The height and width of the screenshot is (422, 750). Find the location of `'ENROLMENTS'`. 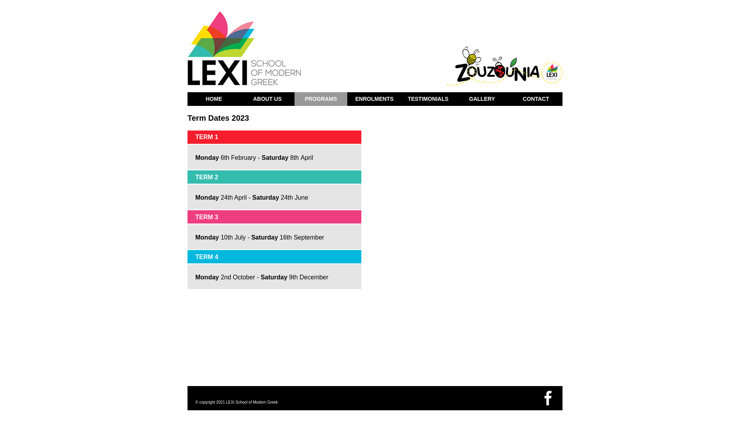

'ENROLMENTS' is located at coordinates (374, 98).